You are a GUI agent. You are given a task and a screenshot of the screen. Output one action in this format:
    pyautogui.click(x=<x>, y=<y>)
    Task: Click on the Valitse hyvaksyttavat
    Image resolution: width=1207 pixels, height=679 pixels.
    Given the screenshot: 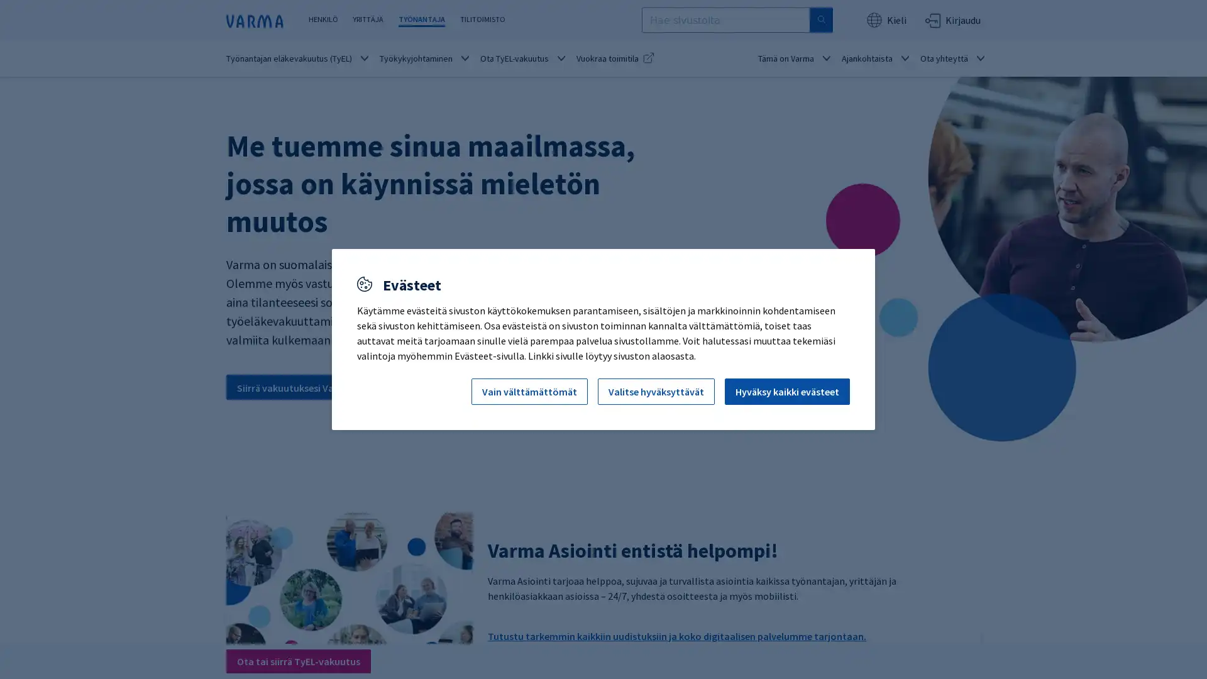 What is the action you would take?
    pyautogui.click(x=655, y=391)
    